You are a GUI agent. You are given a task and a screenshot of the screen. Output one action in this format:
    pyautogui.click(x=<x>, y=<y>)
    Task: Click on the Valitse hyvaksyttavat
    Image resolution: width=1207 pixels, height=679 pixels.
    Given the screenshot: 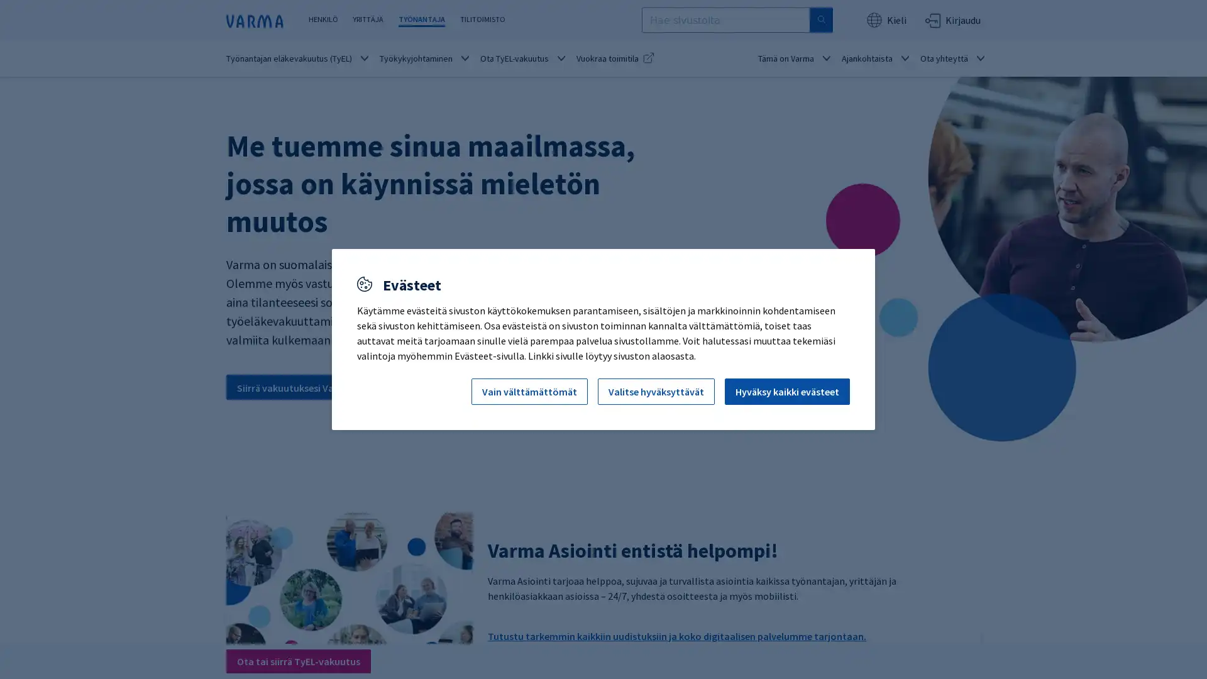 What is the action you would take?
    pyautogui.click(x=655, y=391)
    